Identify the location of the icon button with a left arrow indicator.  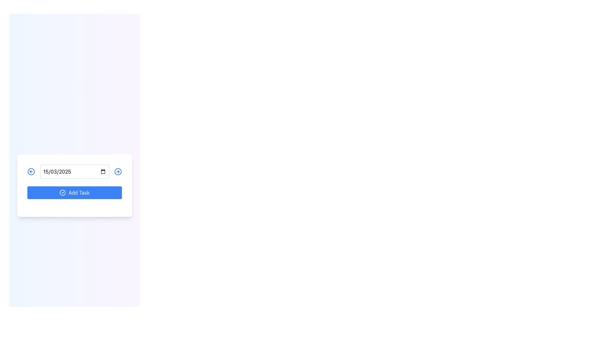
(31, 171).